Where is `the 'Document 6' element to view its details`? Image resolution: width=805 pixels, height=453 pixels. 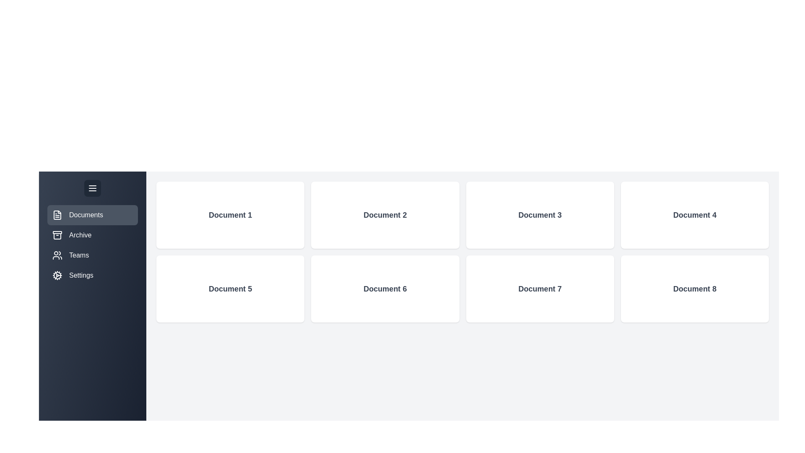 the 'Document 6' element to view its details is located at coordinates (384, 289).